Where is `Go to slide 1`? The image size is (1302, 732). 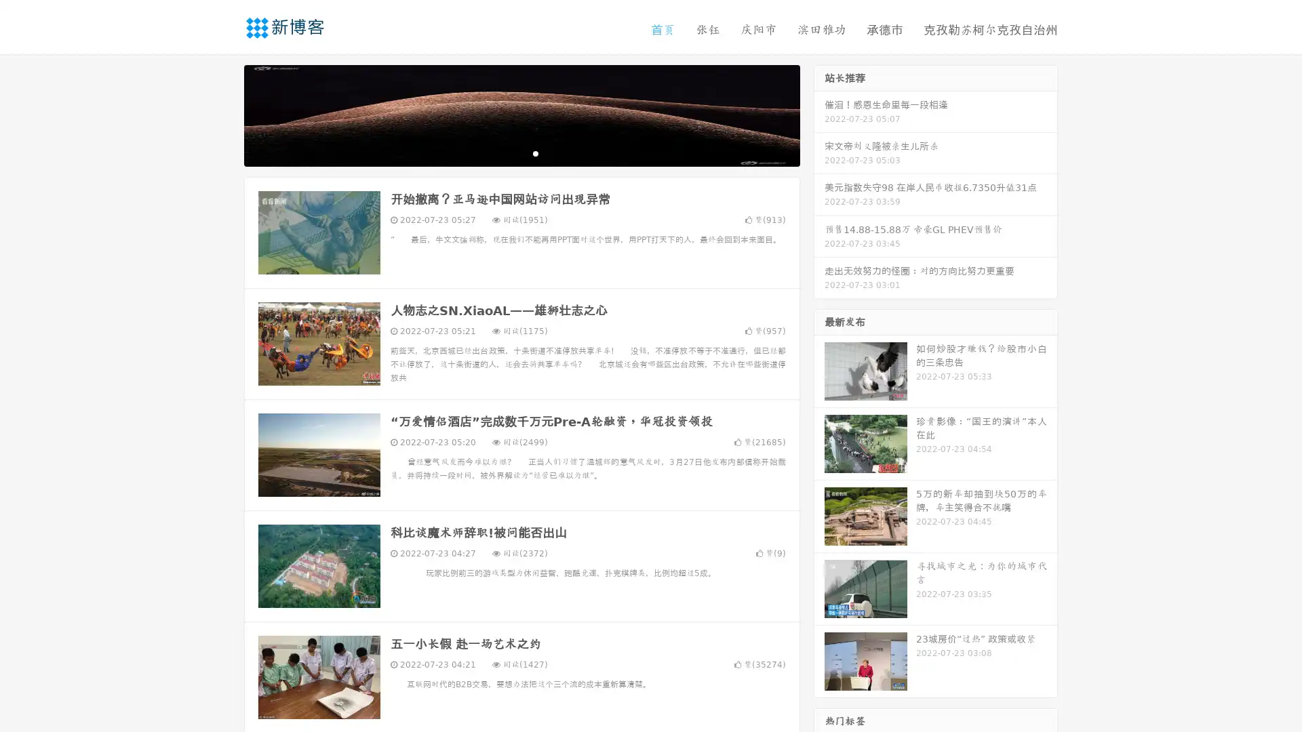 Go to slide 1 is located at coordinates (507, 152).